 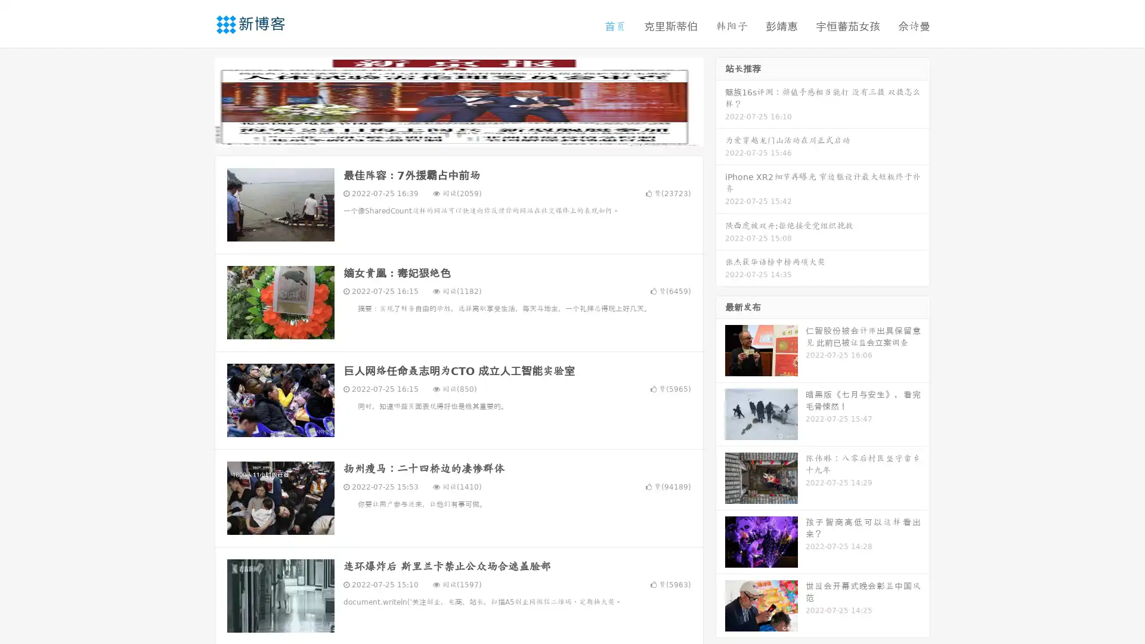 I want to click on Go to slide 1, so click(x=446, y=134).